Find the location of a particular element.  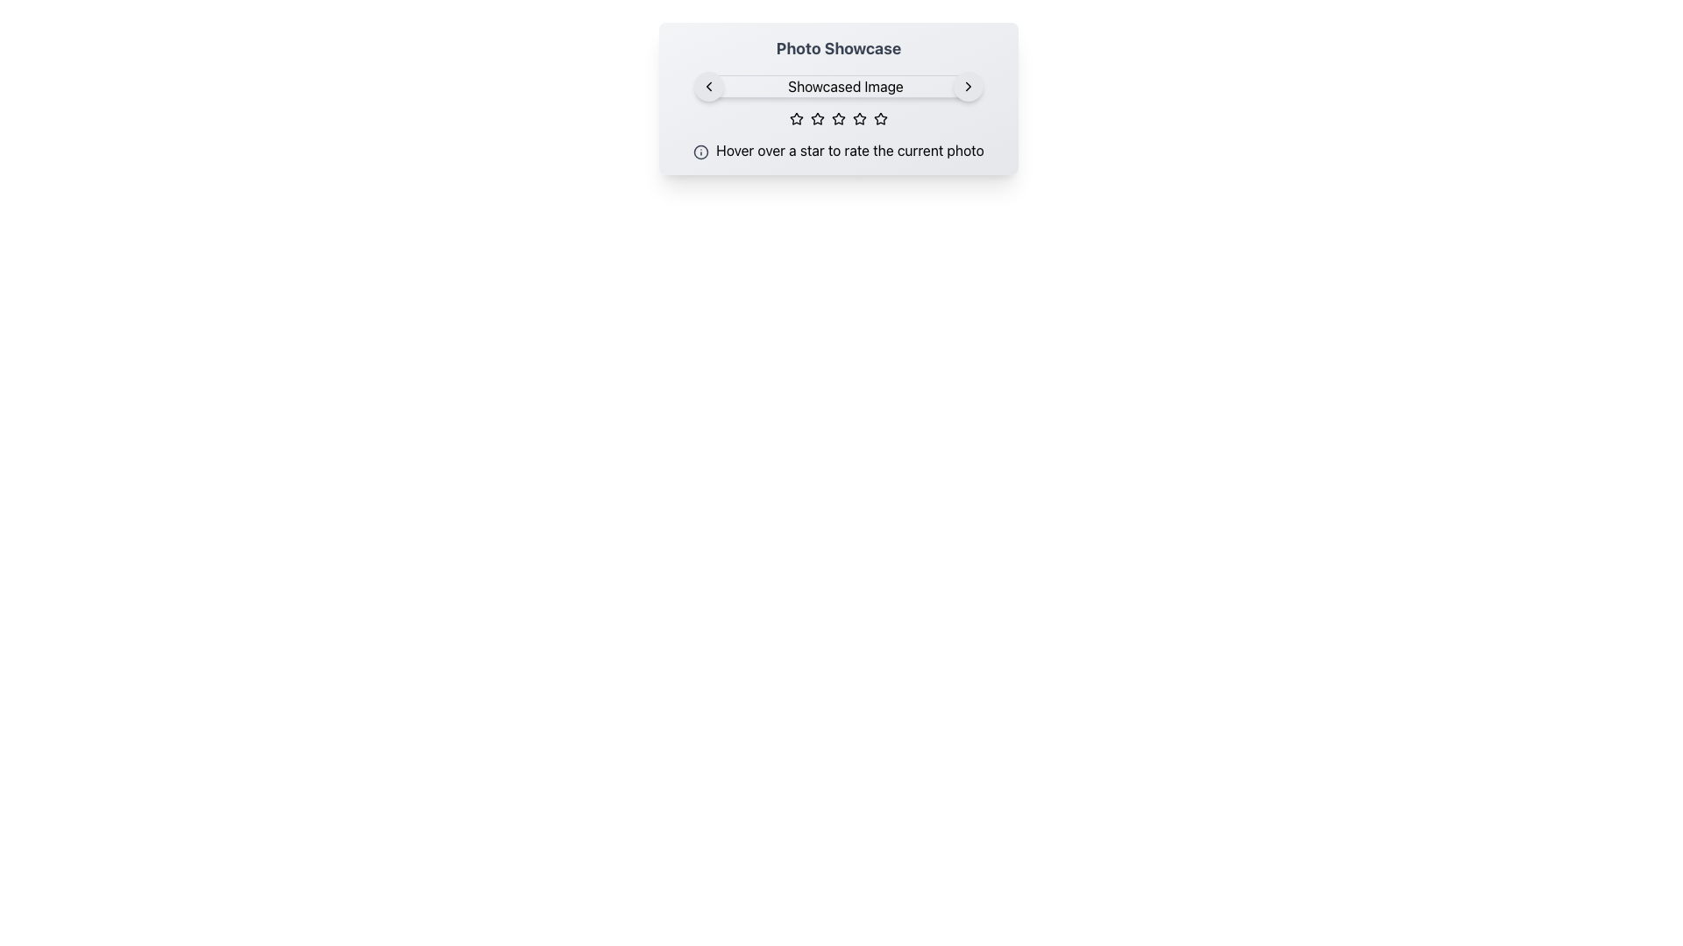

the selected star-shaped icon, which is the sixth in a row of nine stars is located at coordinates (859, 118).